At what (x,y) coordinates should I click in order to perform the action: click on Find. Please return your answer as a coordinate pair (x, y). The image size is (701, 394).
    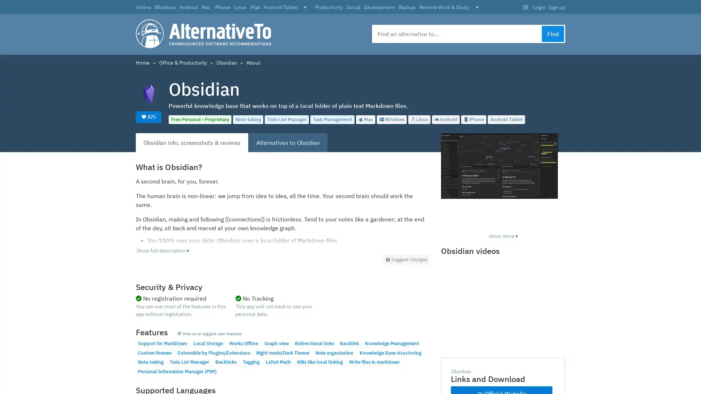
    Looking at the image, I should click on (553, 34).